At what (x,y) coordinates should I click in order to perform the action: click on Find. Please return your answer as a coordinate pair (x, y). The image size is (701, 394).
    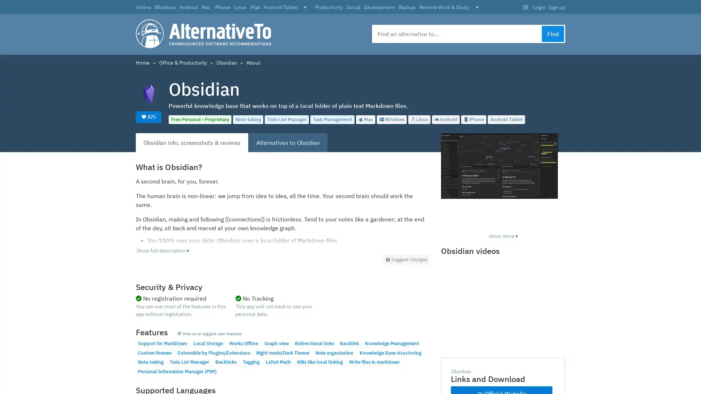
    Looking at the image, I should click on (553, 34).